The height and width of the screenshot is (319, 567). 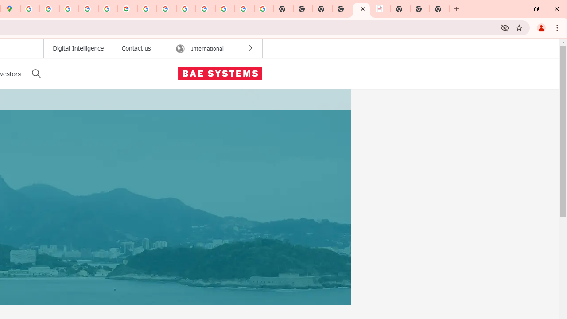 What do you see at coordinates (88, 9) in the screenshot?
I see `'Privacy Help Center - Policies Help'` at bounding box center [88, 9].